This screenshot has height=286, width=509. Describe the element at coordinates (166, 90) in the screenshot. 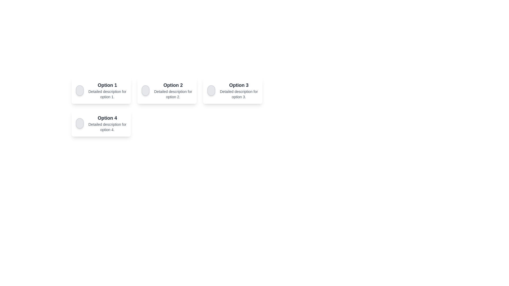

I see `the selectable option element that is the second choice in a grid of selectable cards, providing both a title and description` at that location.